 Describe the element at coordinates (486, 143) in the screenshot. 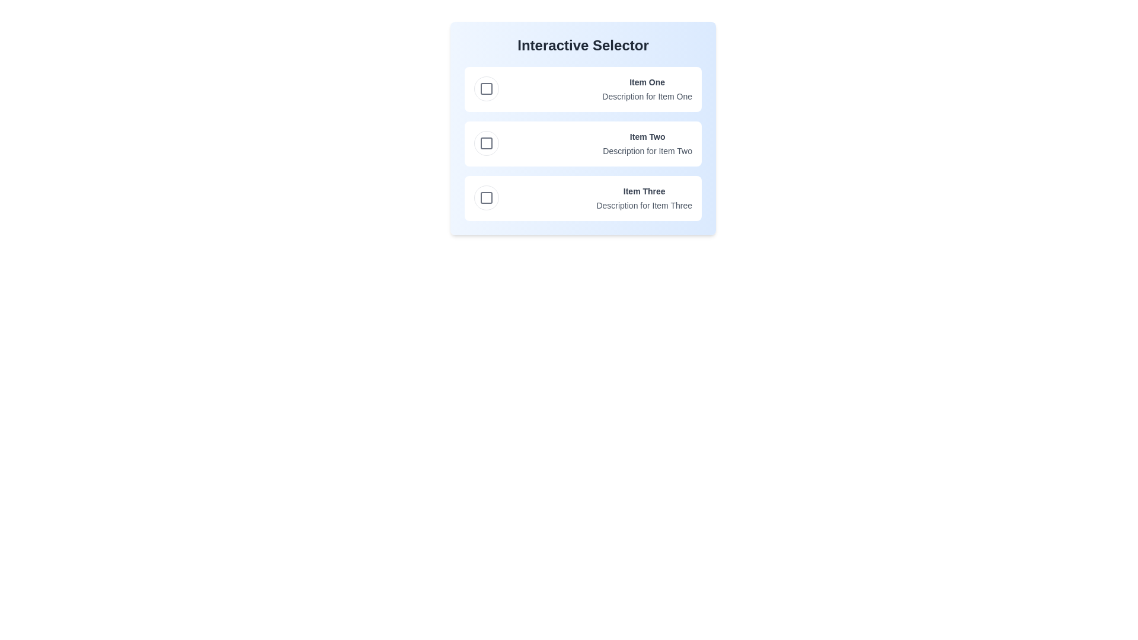

I see `the checkbox icon located to the left of the label 'Item Two' under the 'Interactive Selector' layout` at that location.